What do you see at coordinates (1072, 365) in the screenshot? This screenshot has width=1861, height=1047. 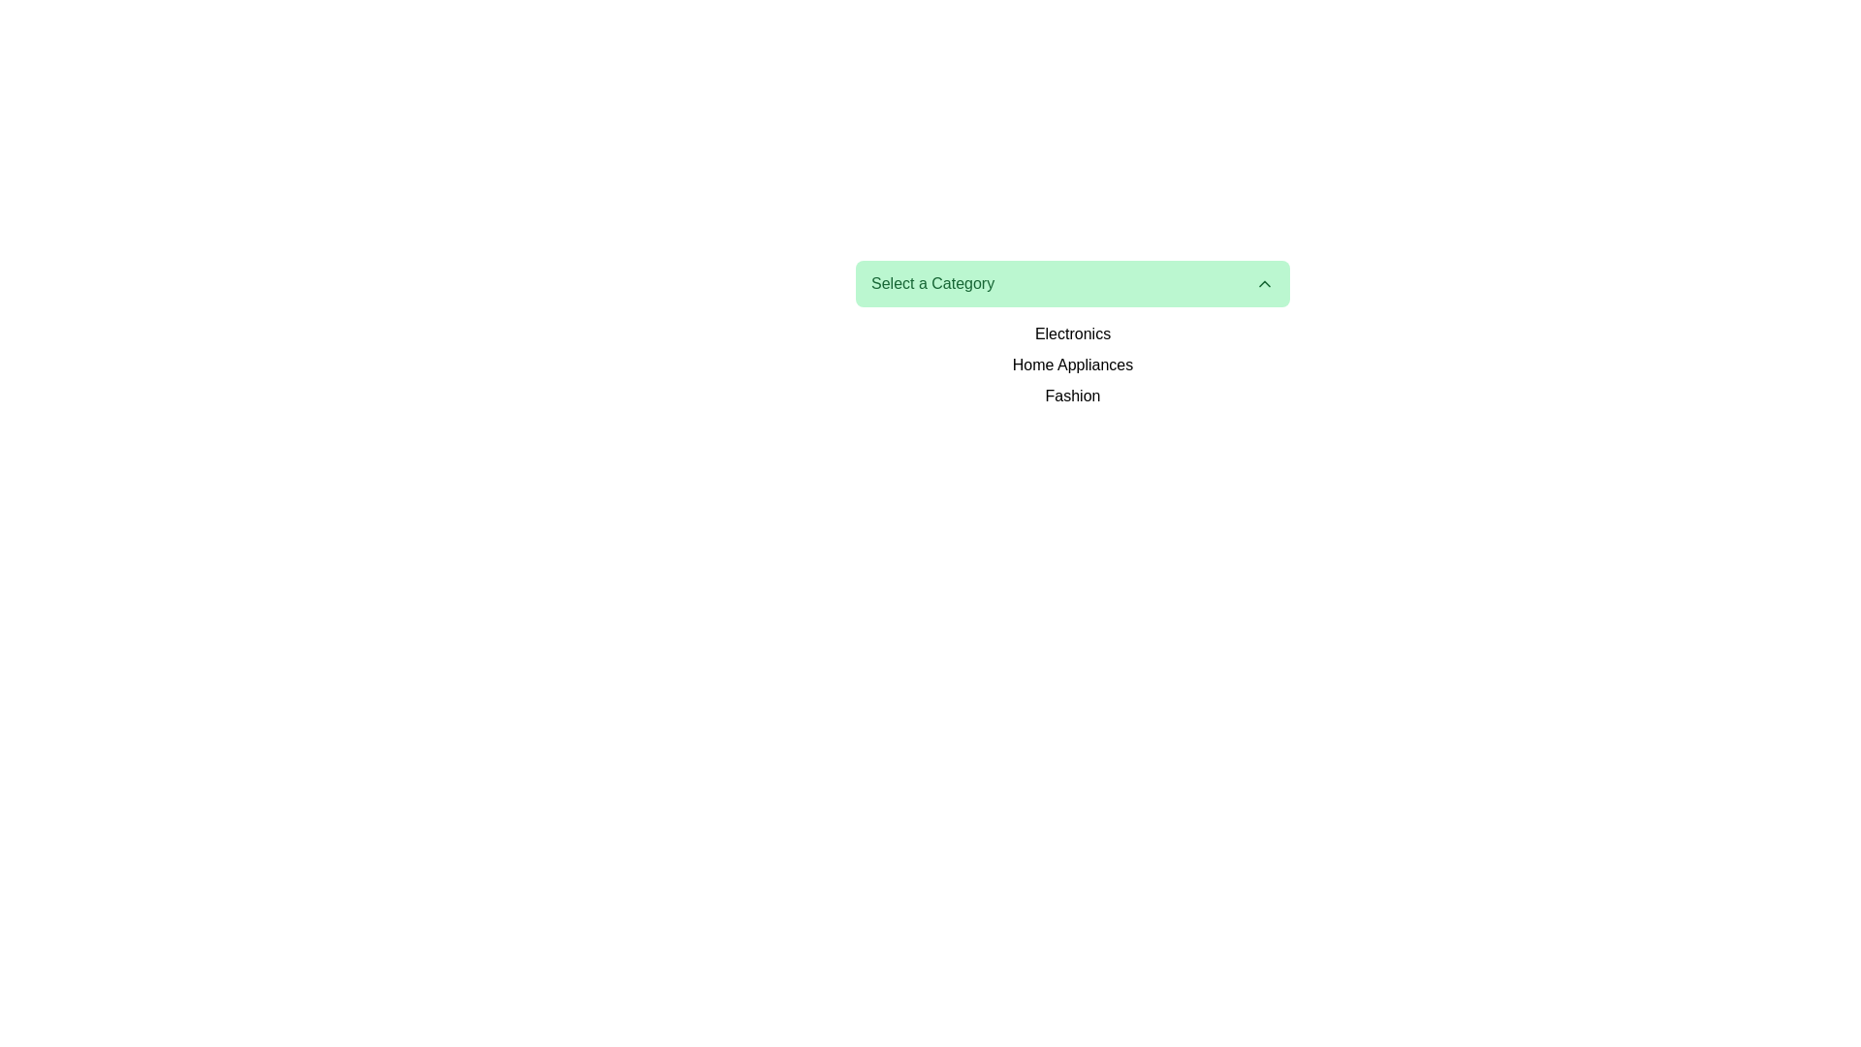 I see `the 'Home Appliances' text label to trigger a tooltip or highlight effect` at bounding box center [1072, 365].